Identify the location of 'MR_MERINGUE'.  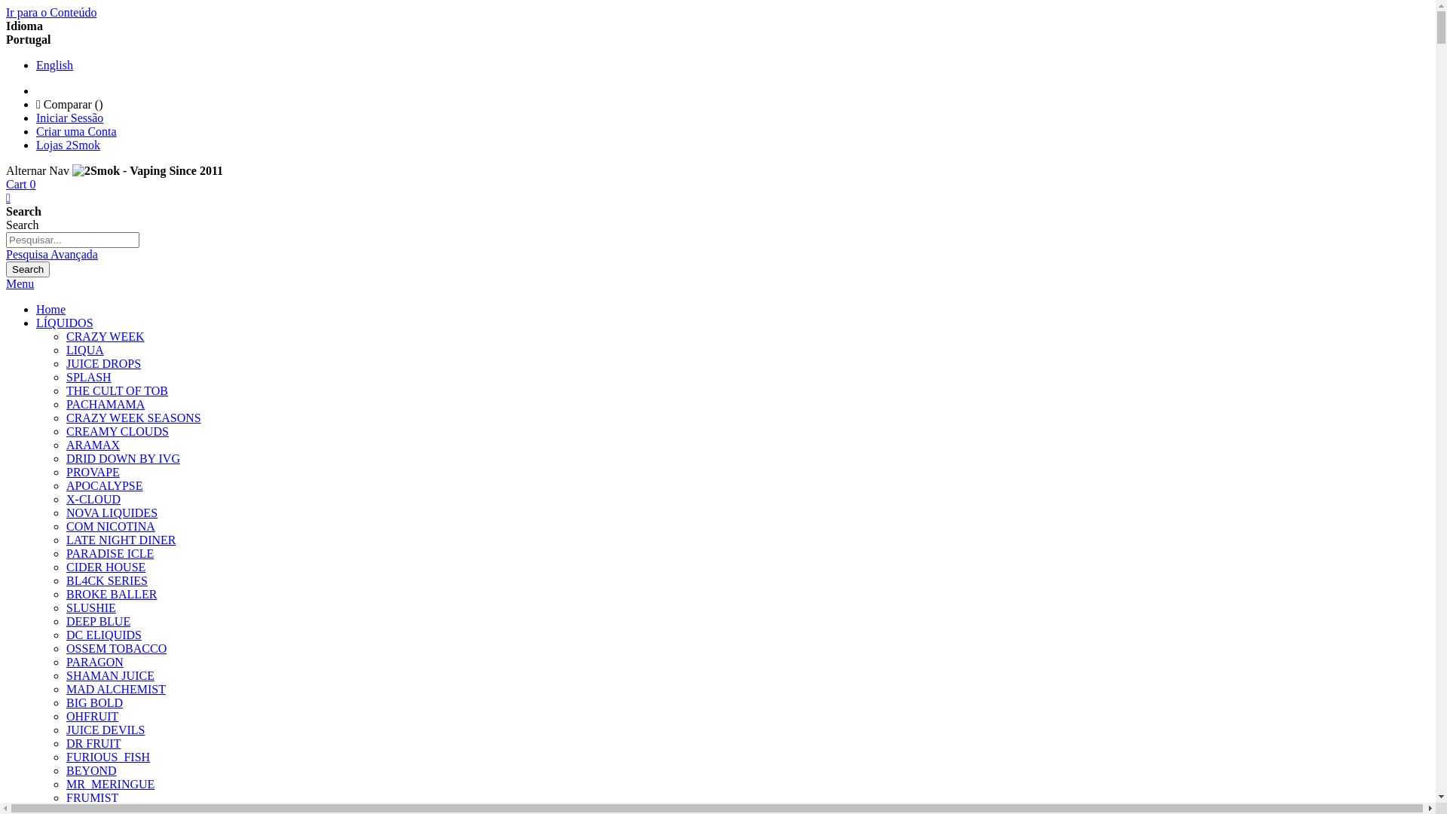
(109, 783).